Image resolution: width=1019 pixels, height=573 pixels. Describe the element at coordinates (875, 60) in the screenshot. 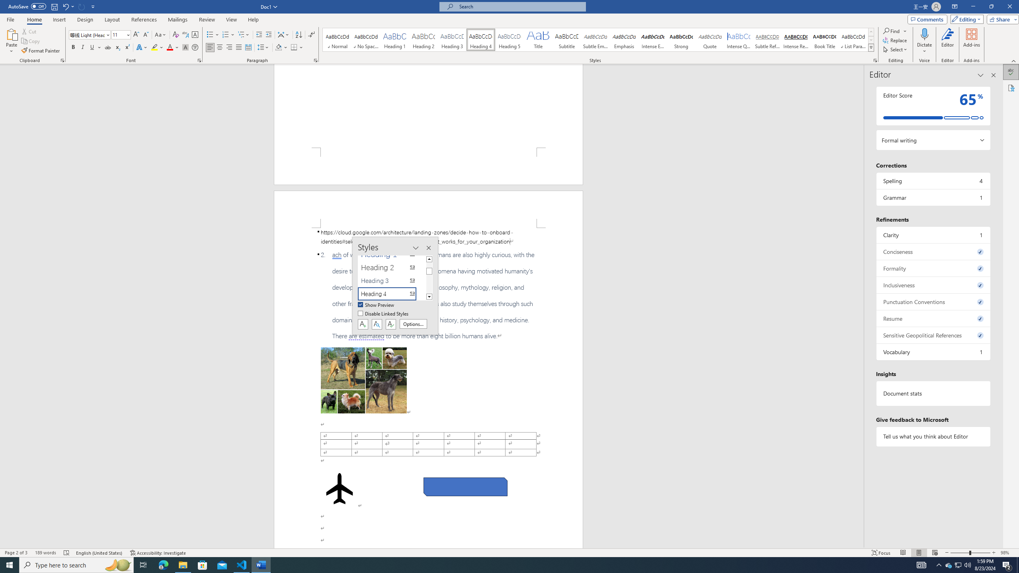

I see `'Styles...'` at that location.